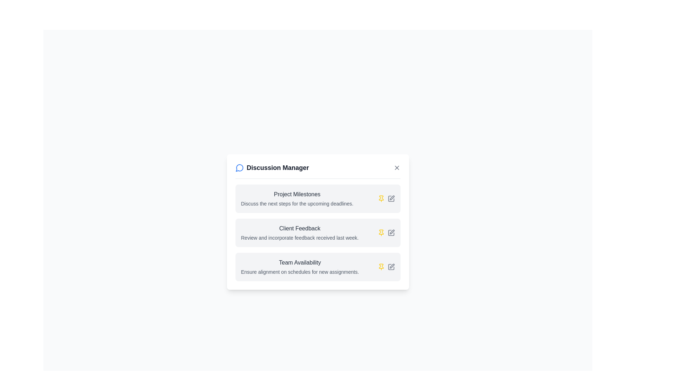 The height and width of the screenshot is (384, 683). What do you see at coordinates (391, 267) in the screenshot?
I see `the edit icon (pen icon) located on the right side of the 'Team Availability' action bar to initiate an action` at bounding box center [391, 267].